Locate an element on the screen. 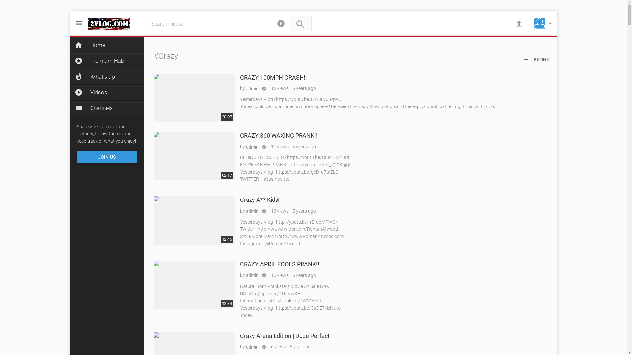 This screenshot has height=355, width=632. 'CRAZY 360 WAXING PRANK!!' is located at coordinates (194, 156).